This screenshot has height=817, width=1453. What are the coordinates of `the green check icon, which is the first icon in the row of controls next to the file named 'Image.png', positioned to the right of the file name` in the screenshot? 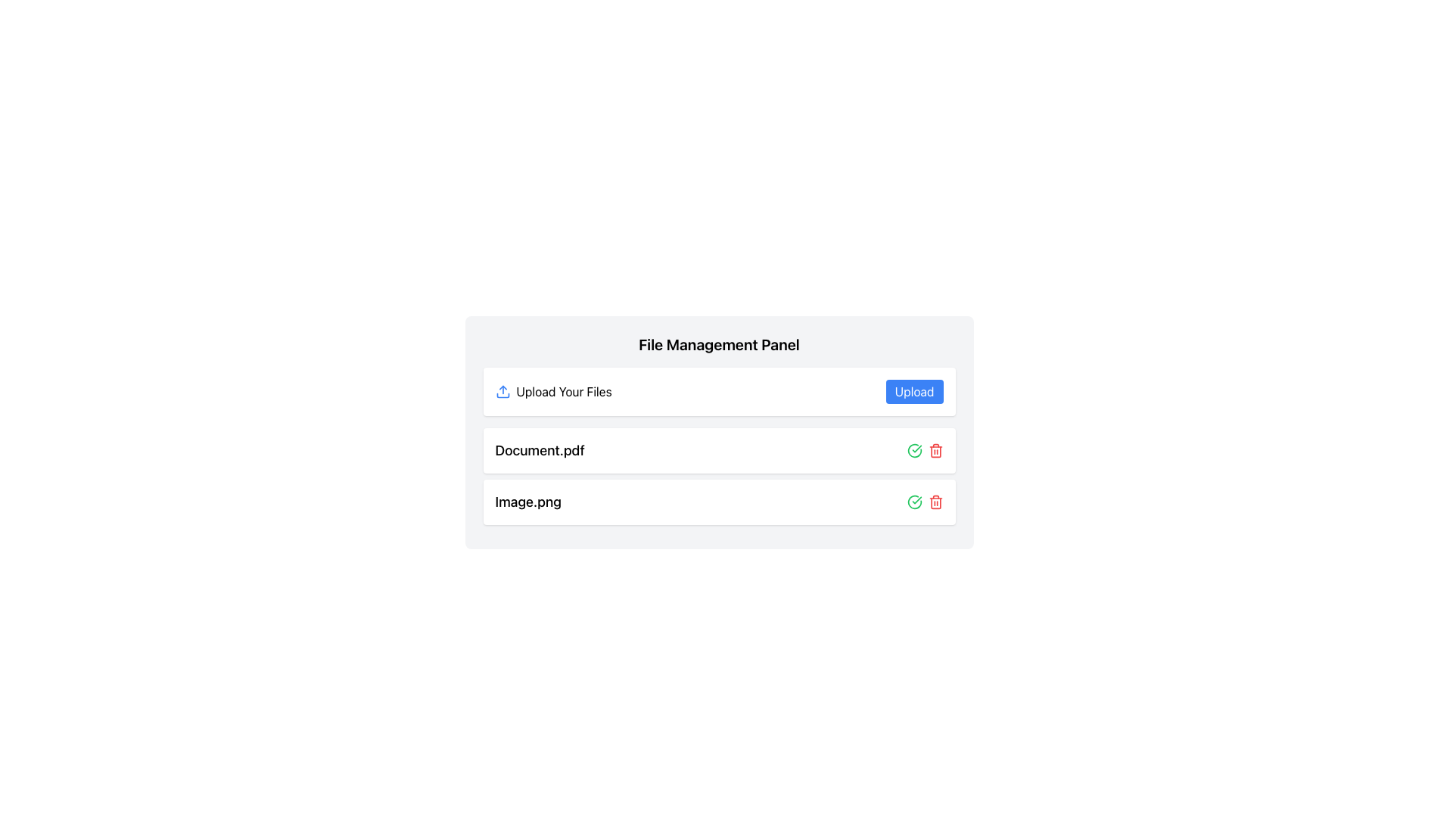 It's located at (913, 450).